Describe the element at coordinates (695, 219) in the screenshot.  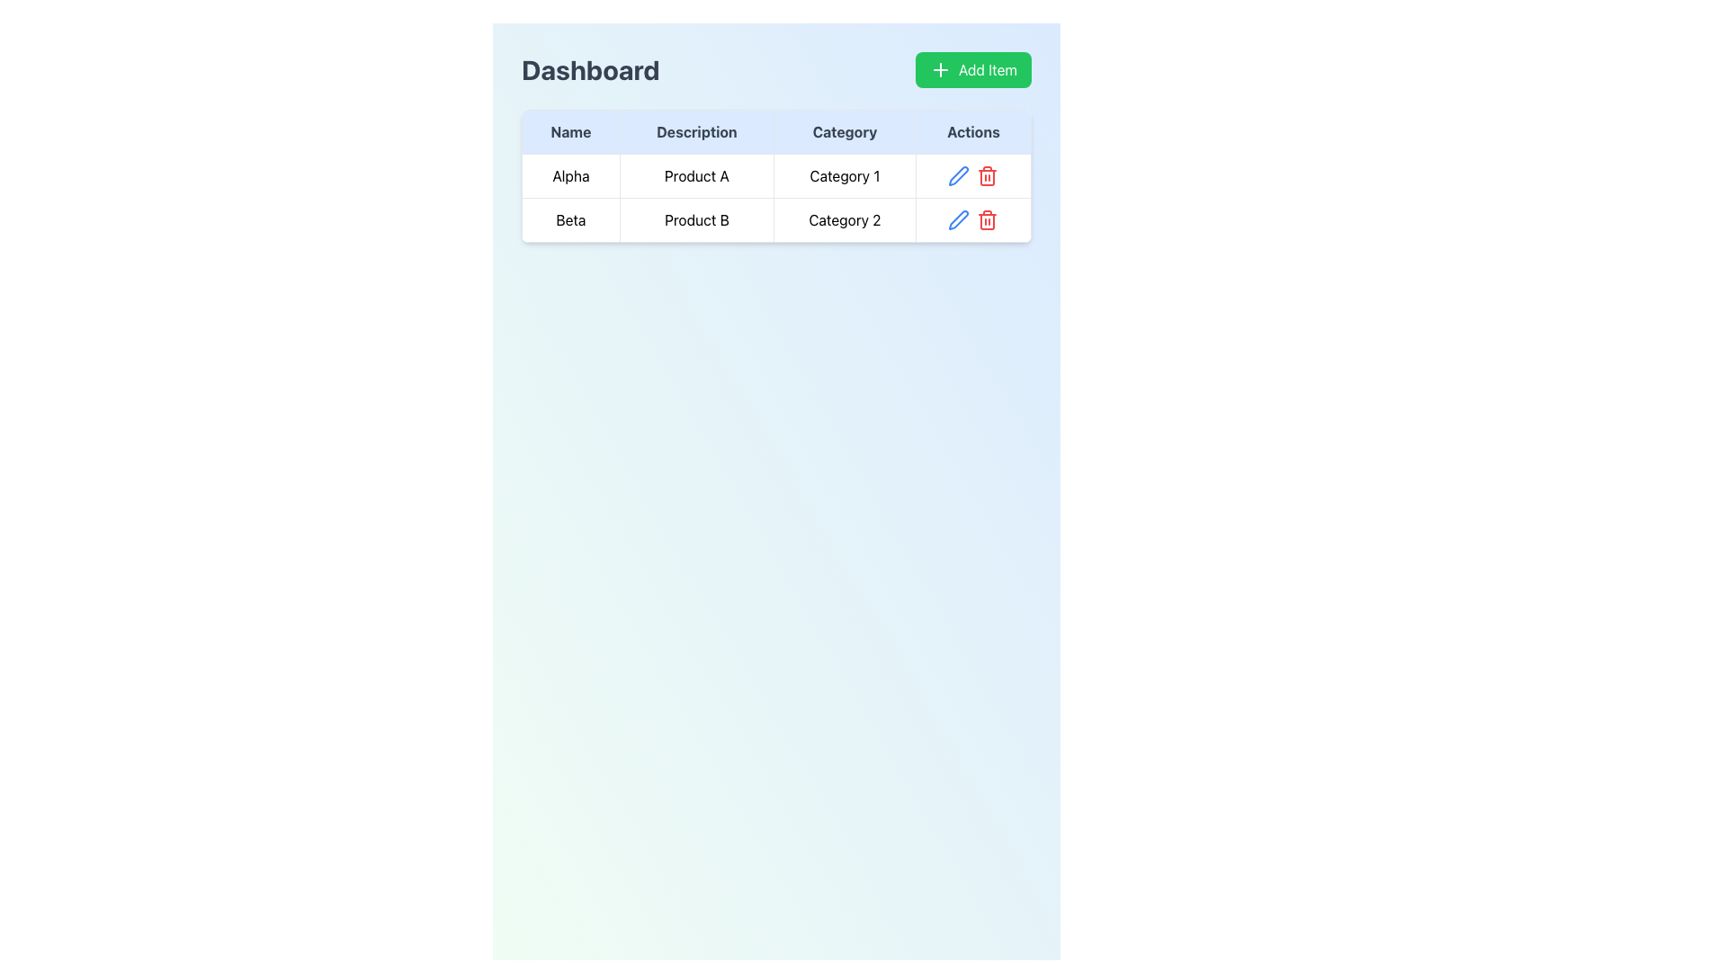
I see `across the table cell containing 'Product B'` at that location.